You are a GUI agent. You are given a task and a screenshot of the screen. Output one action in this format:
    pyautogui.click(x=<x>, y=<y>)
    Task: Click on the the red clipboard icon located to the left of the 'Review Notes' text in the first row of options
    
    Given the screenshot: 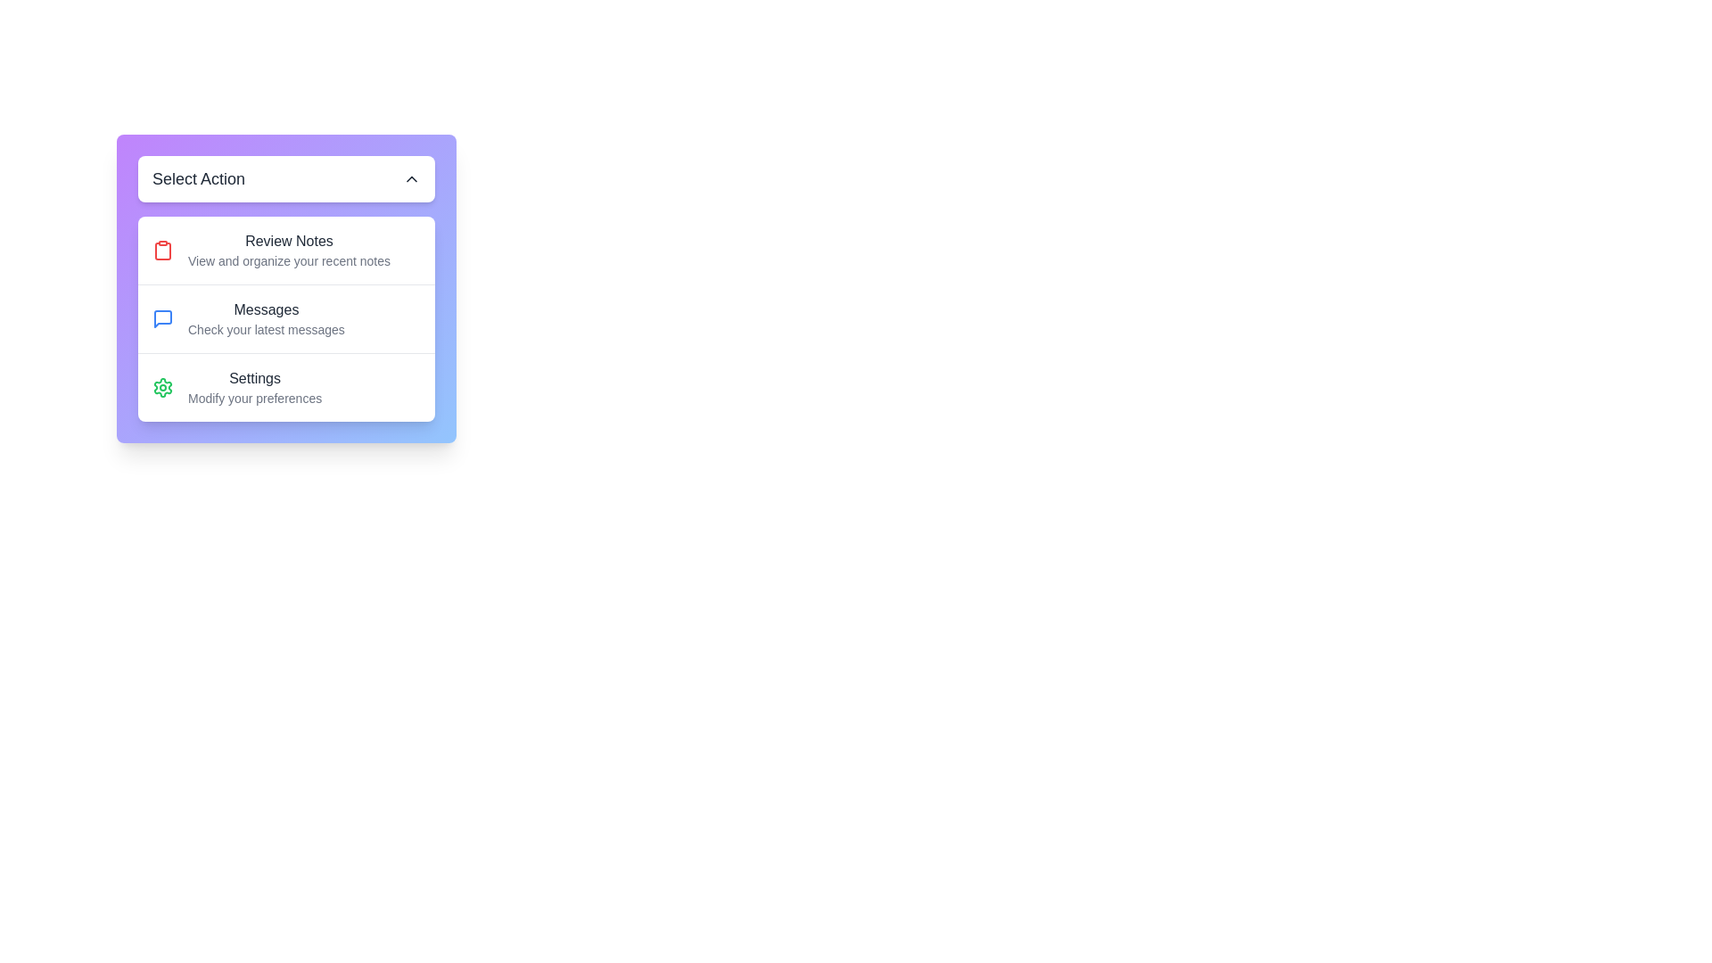 What is the action you would take?
    pyautogui.click(x=162, y=251)
    